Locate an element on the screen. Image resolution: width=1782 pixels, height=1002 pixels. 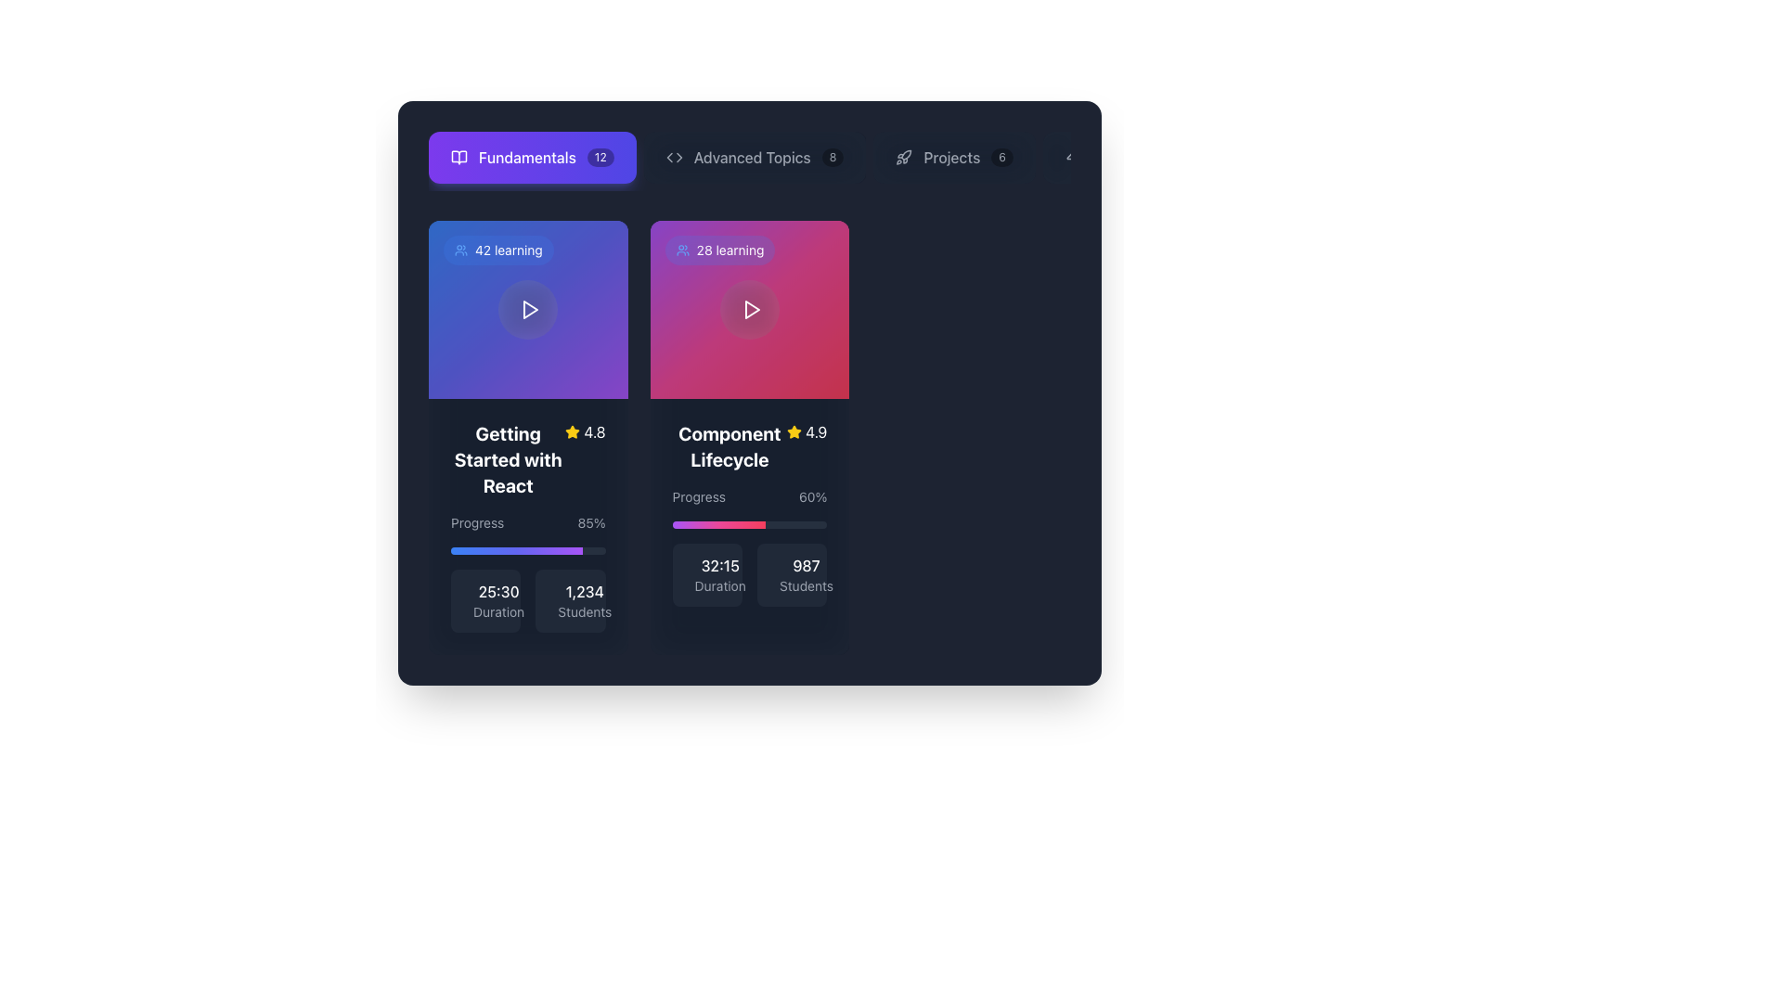
numeric value displayed in the Label that shows '987' in white color on a dark background, prominently positioned in the second card before the text 'Students' is located at coordinates (806, 564).